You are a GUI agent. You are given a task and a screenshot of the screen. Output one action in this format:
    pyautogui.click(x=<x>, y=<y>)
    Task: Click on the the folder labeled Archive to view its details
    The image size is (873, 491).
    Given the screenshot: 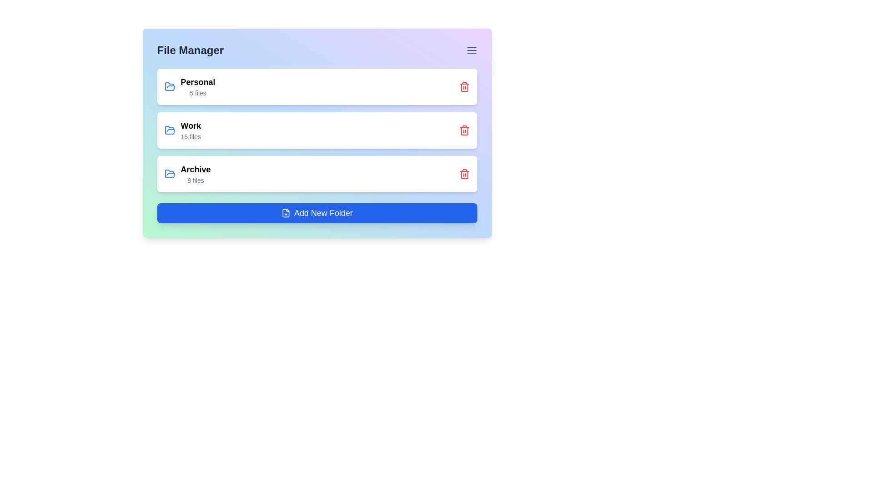 What is the action you would take?
    pyautogui.click(x=187, y=174)
    